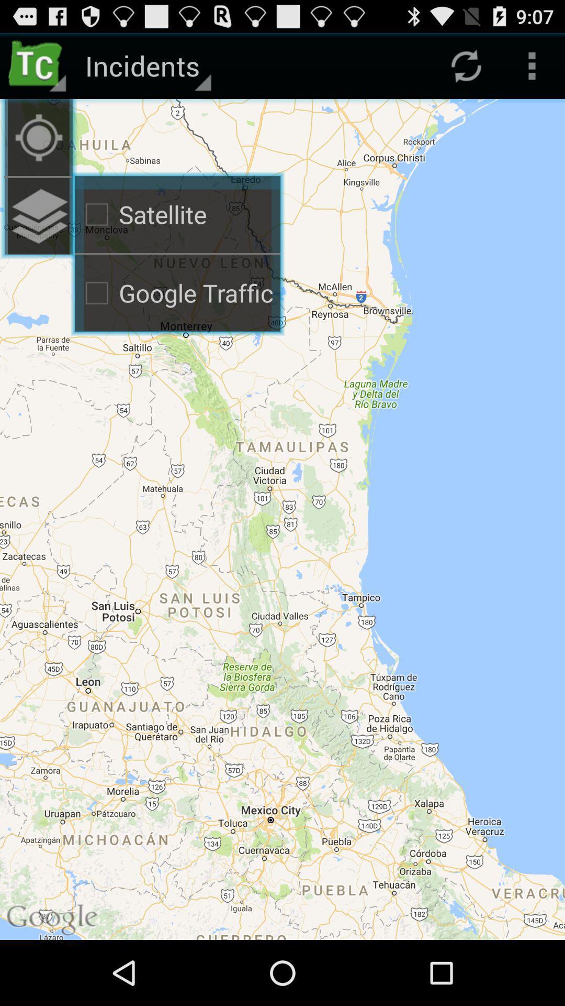  What do you see at coordinates (38, 231) in the screenshot?
I see `the layers icon` at bounding box center [38, 231].